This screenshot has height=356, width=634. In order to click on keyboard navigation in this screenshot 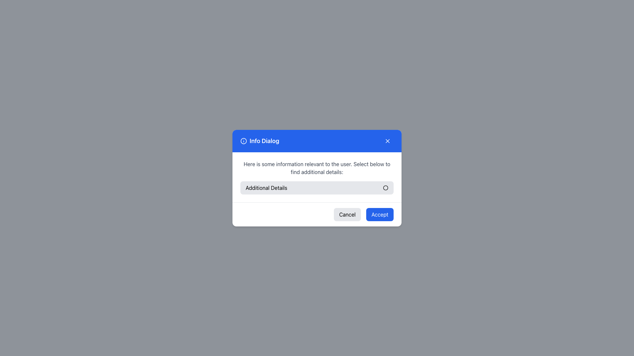, I will do `click(317, 188)`.